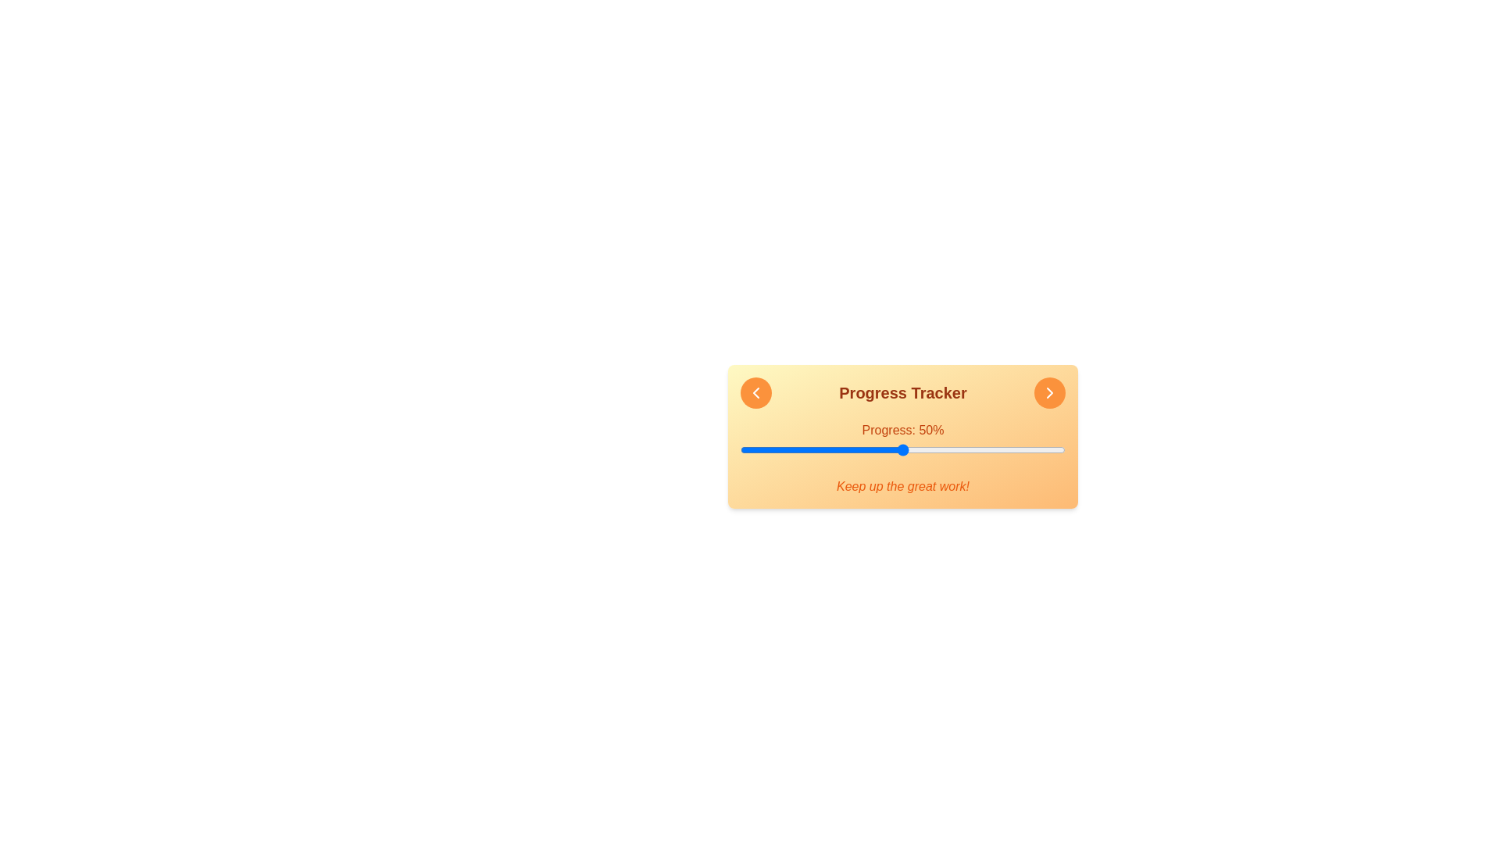  I want to click on left arrow button to decrease the progress, so click(756, 392).